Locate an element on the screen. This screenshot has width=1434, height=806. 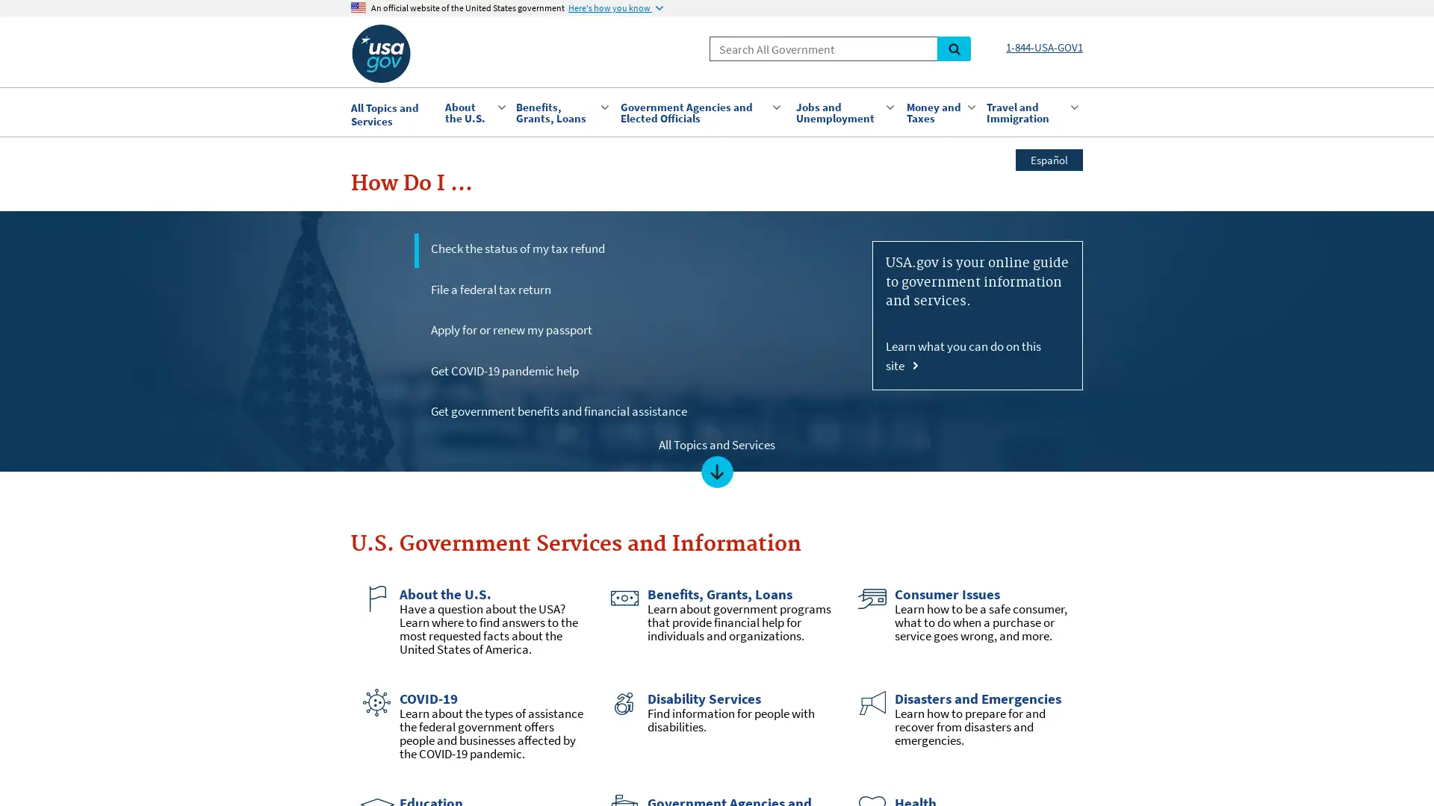
Money and Taxes is located at coordinates (938, 111).